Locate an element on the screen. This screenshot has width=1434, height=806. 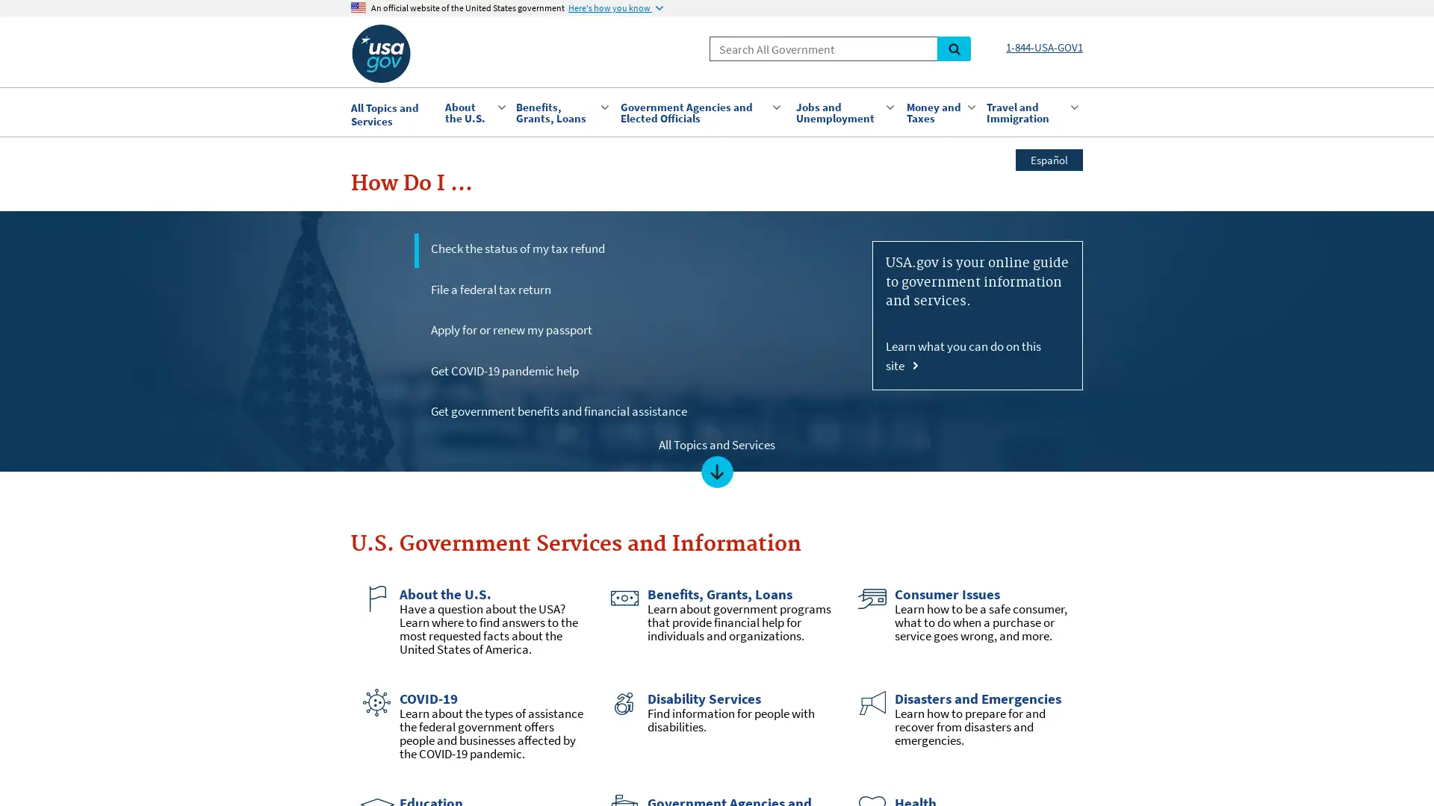
Money and Taxes is located at coordinates (938, 111).